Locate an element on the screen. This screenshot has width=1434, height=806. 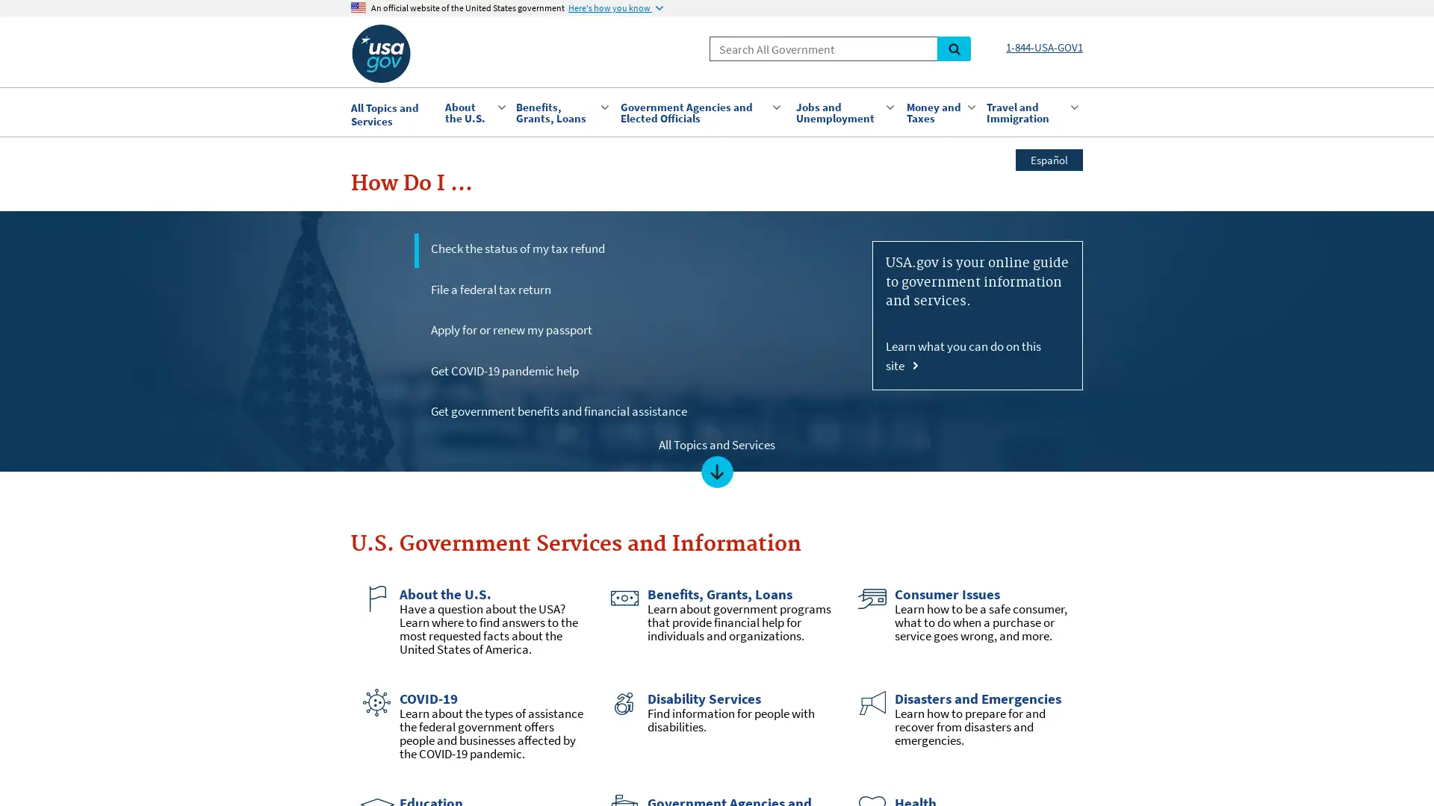
Money and Taxes is located at coordinates (938, 111).